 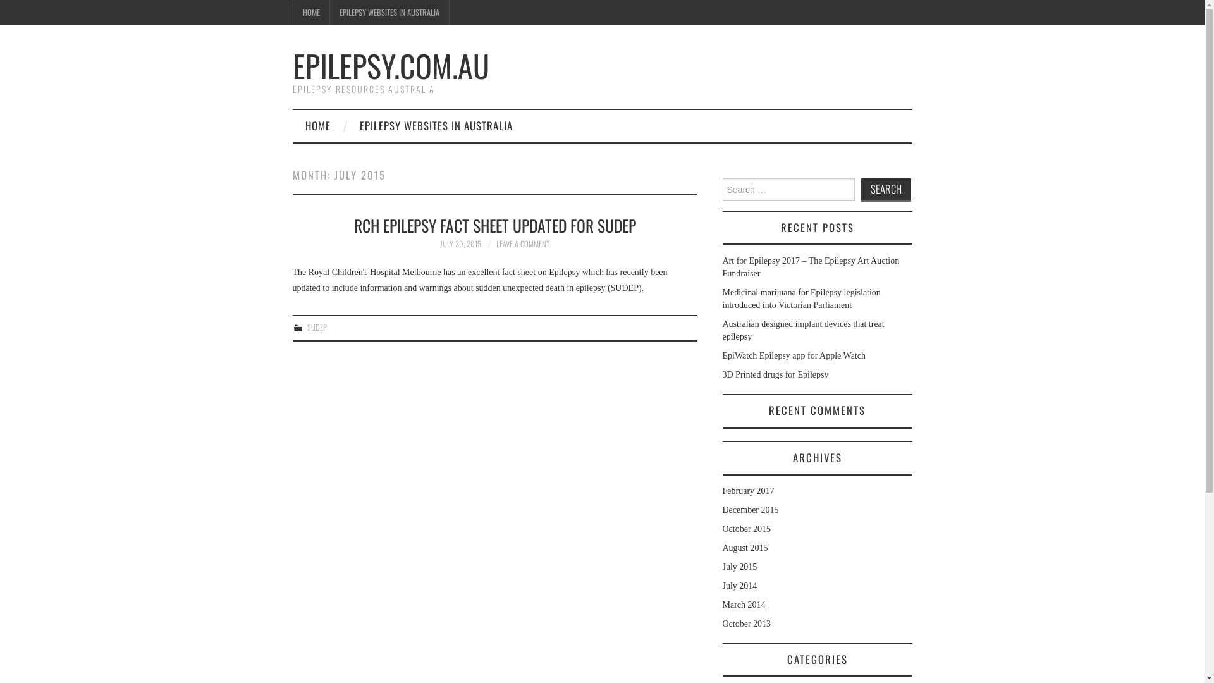 I want to click on 'October 2015', so click(x=746, y=529).